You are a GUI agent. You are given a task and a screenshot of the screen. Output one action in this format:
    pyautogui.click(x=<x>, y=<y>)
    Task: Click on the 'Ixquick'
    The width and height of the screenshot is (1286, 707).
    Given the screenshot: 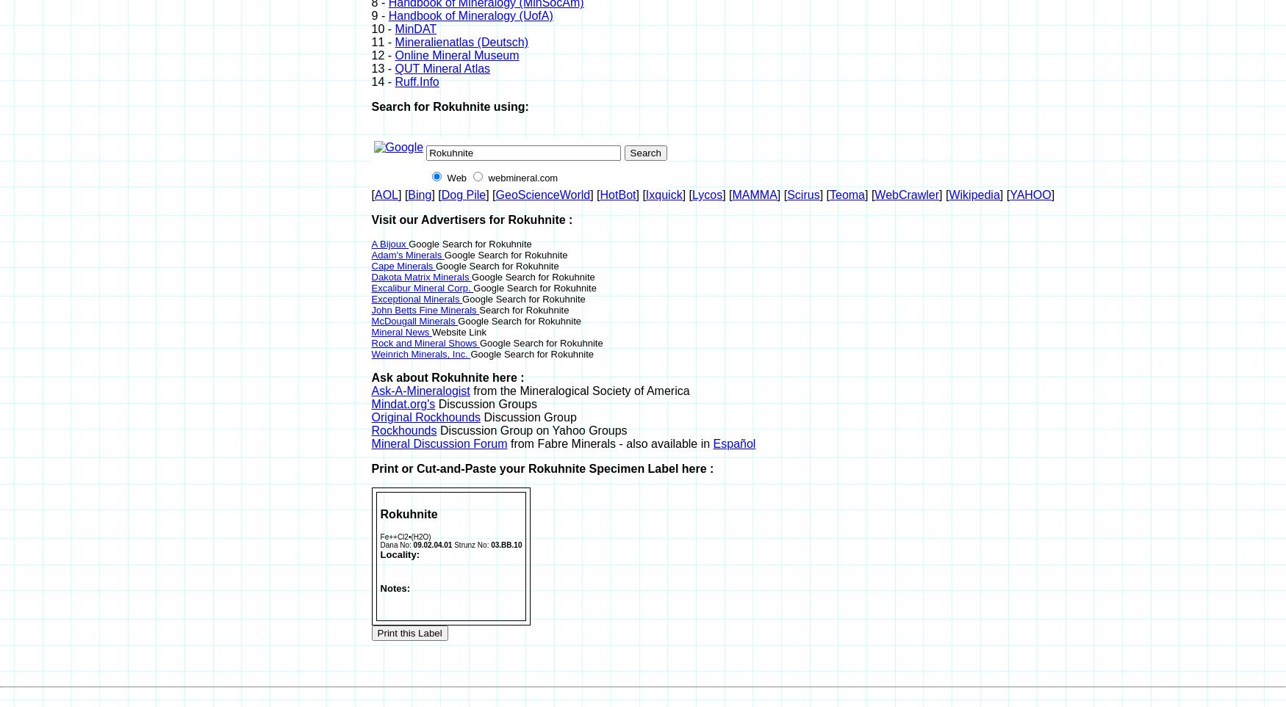 What is the action you would take?
    pyautogui.click(x=663, y=194)
    